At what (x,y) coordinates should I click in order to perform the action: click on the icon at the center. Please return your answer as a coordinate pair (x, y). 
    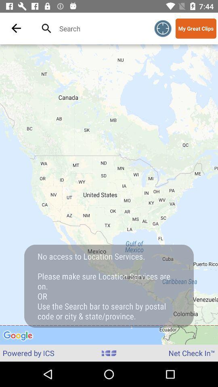
    Looking at the image, I should click on (109, 194).